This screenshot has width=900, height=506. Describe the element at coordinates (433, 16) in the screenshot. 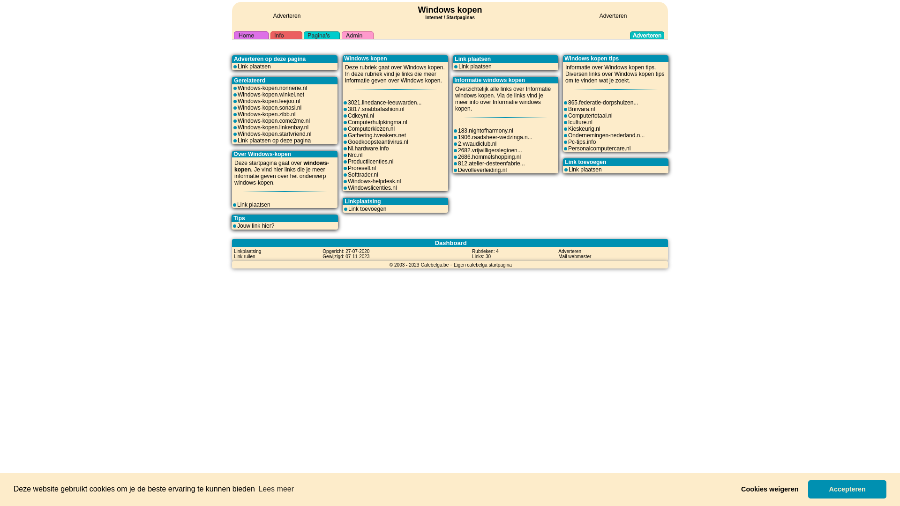

I see `'Internet'` at that location.